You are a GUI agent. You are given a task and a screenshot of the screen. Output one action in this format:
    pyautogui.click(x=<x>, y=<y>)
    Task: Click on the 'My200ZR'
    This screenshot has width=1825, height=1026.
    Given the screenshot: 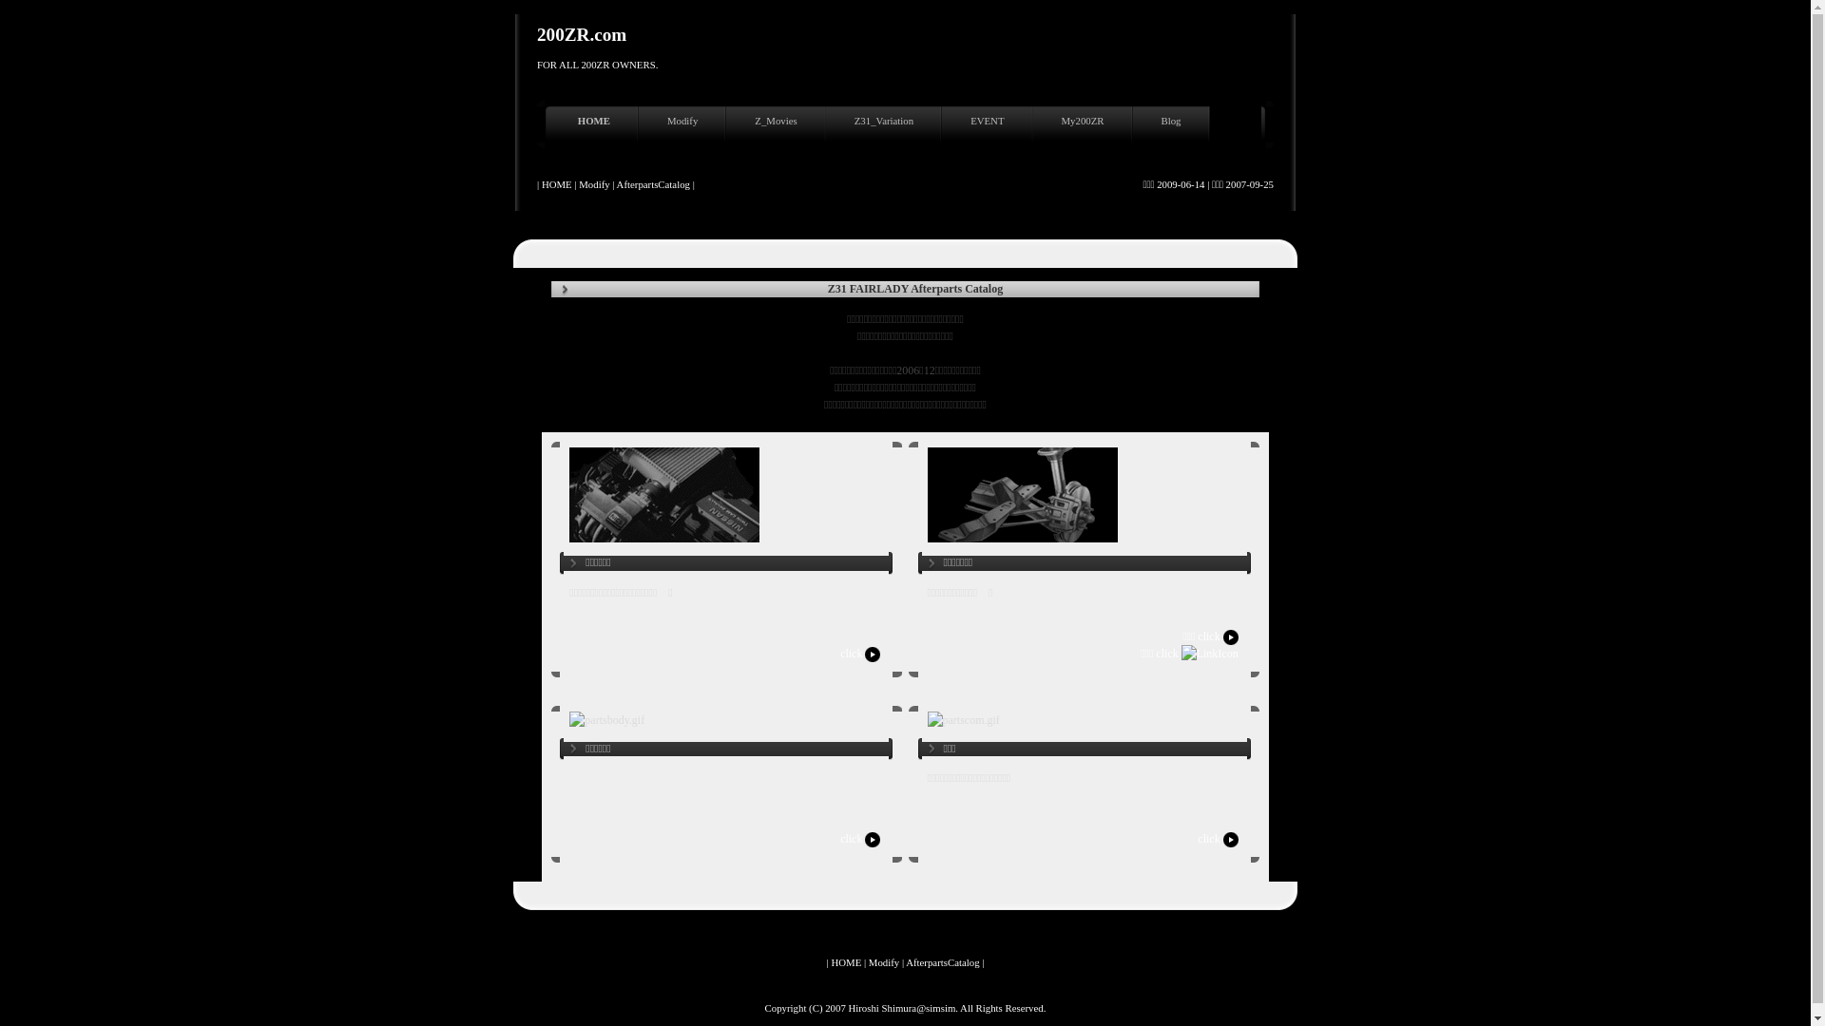 What is the action you would take?
    pyautogui.click(x=1085, y=124)
    